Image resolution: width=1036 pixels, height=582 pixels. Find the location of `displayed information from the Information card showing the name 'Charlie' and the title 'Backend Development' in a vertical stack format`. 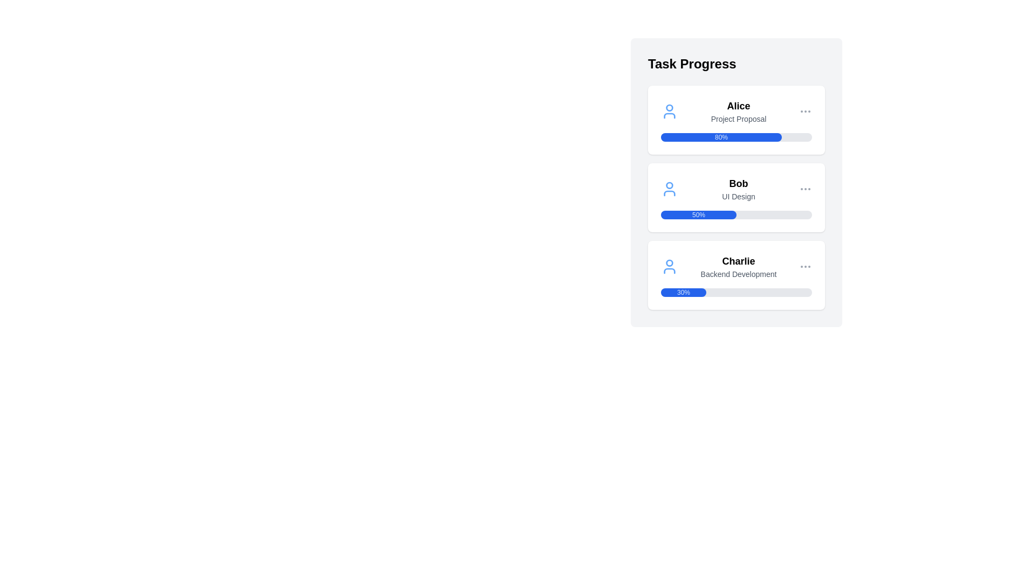

displayed information from the Information card showing the name 'Charlie' and the title 'Backend Development' in a vertical stack format is located at coordinates (738, 266).